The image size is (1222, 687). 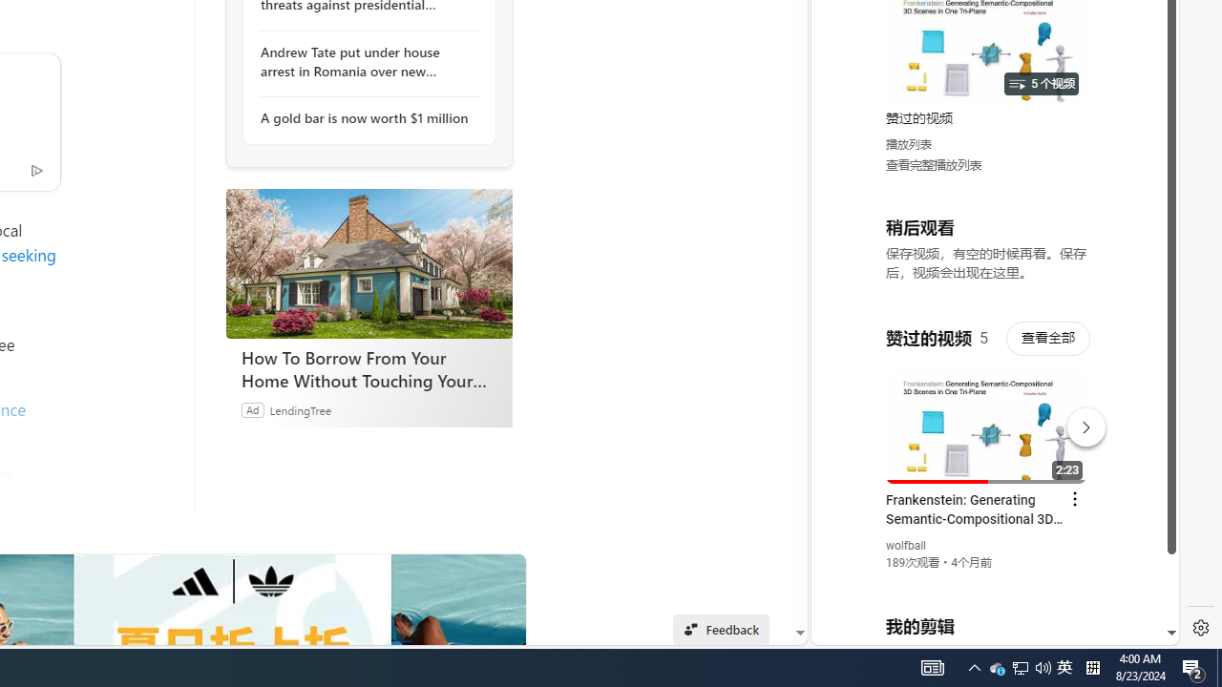 What do you see at coordinates (36, 168) in the screenshot?
I see `'Ad Choice'` at bounding box center [36, 168].